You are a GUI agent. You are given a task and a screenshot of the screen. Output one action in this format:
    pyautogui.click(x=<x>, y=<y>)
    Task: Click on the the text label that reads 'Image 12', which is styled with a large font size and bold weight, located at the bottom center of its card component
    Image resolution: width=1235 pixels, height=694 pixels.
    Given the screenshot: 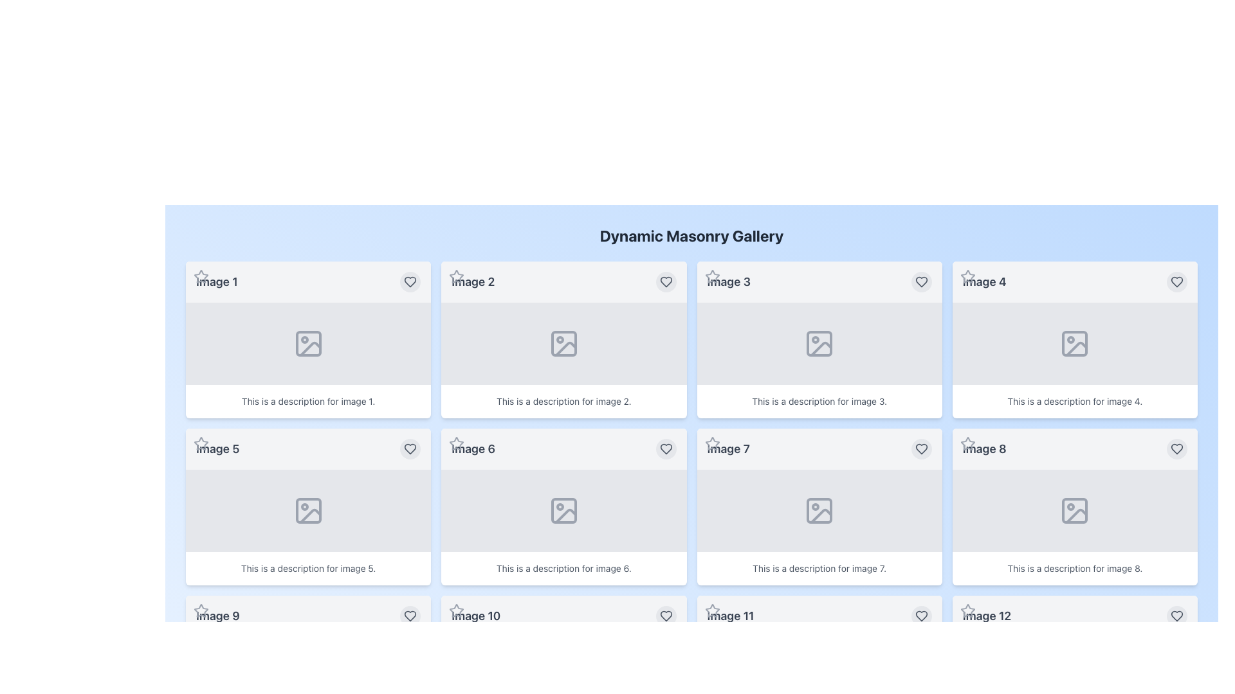 What is the action you would take?
    pyautogui.click(x=986, y=616)
    